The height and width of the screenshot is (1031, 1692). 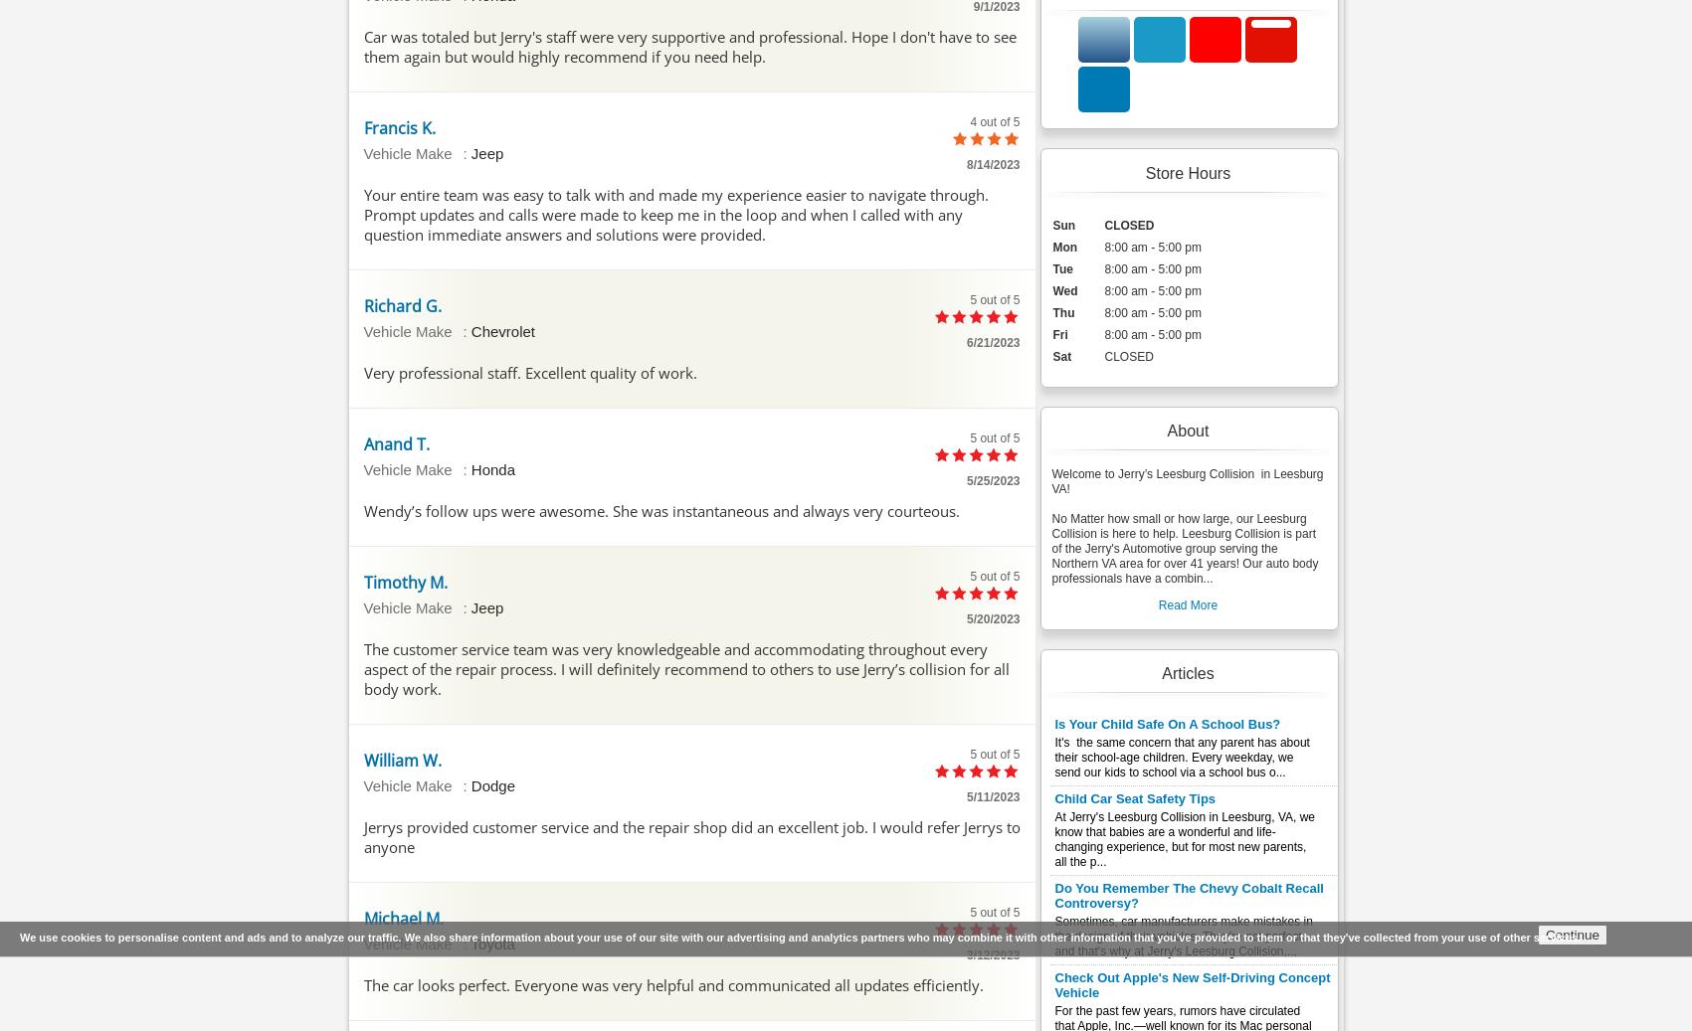 What do you see at coordinates (993, 340) in the screenshot?
I see `'6/21/2023'` at bounding box center [993, 340].